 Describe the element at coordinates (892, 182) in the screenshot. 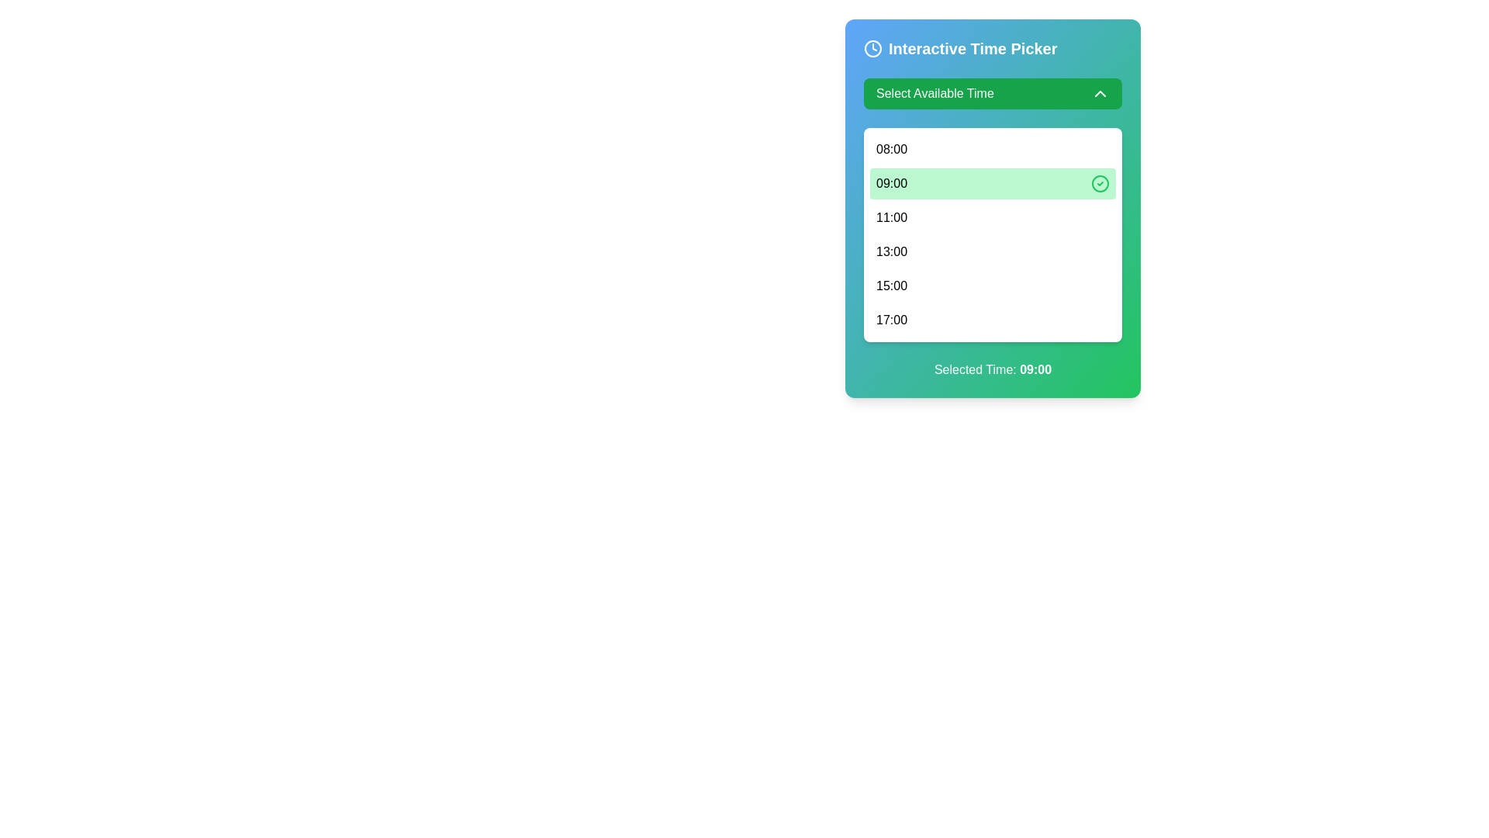

I see `the text display showing the time '09:00' located within a rounded green background in the time selection interface` at that location.